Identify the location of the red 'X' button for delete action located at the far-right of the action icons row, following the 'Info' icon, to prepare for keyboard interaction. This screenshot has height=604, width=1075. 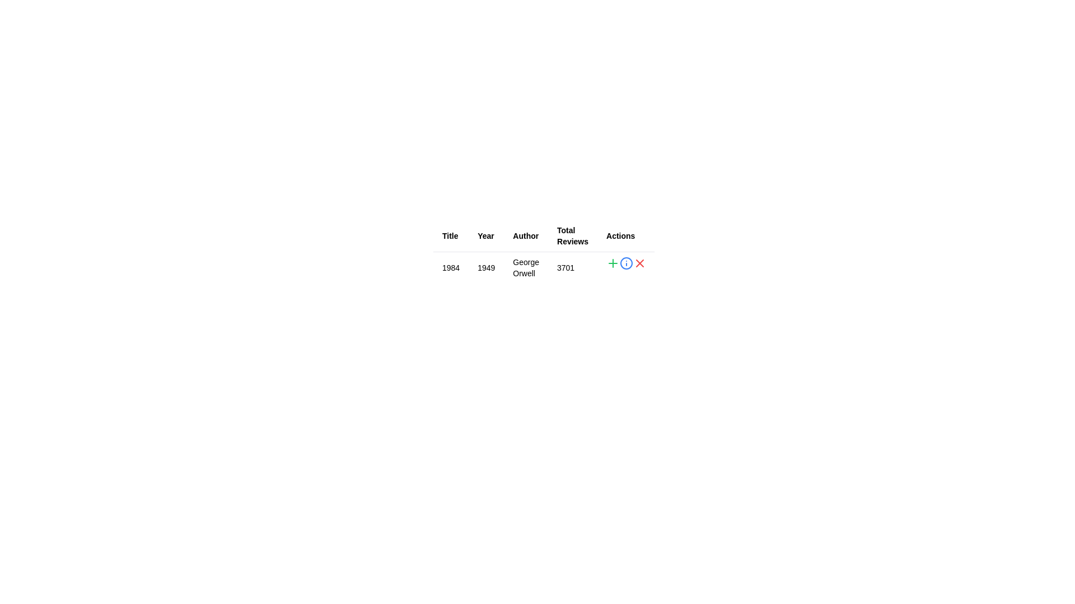
(639, 263).